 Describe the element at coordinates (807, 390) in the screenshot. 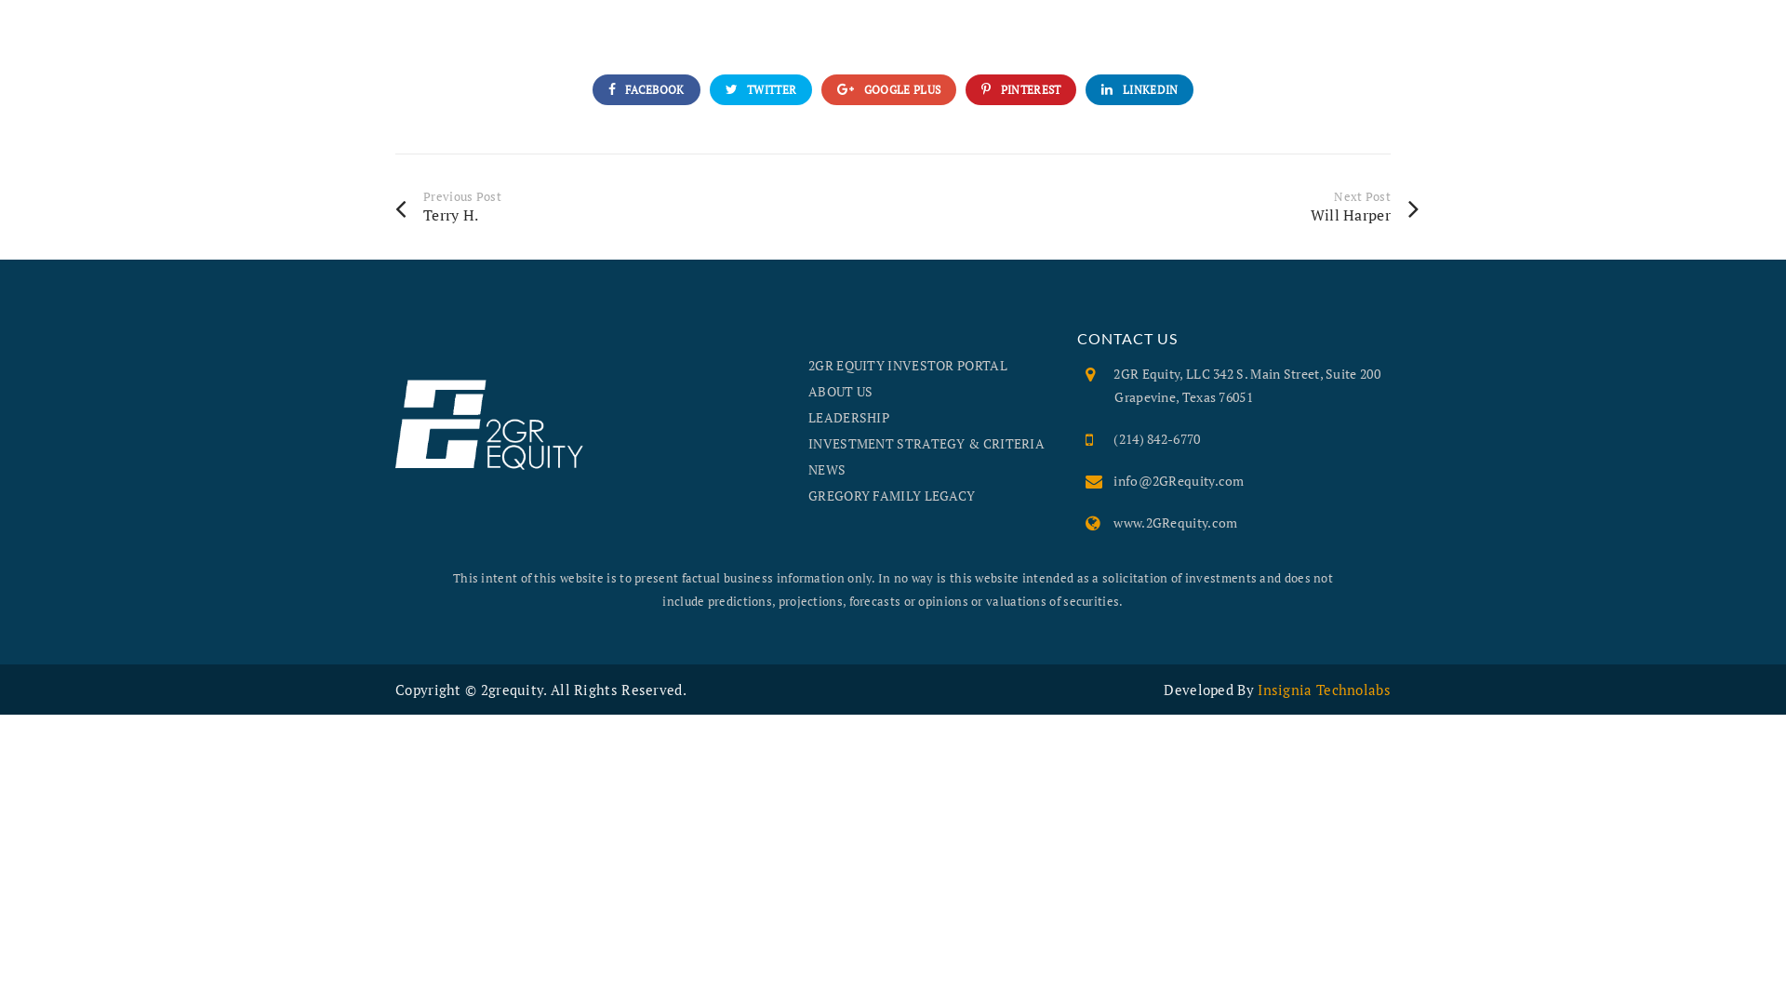

I see `'ABOUT US'` at that location.